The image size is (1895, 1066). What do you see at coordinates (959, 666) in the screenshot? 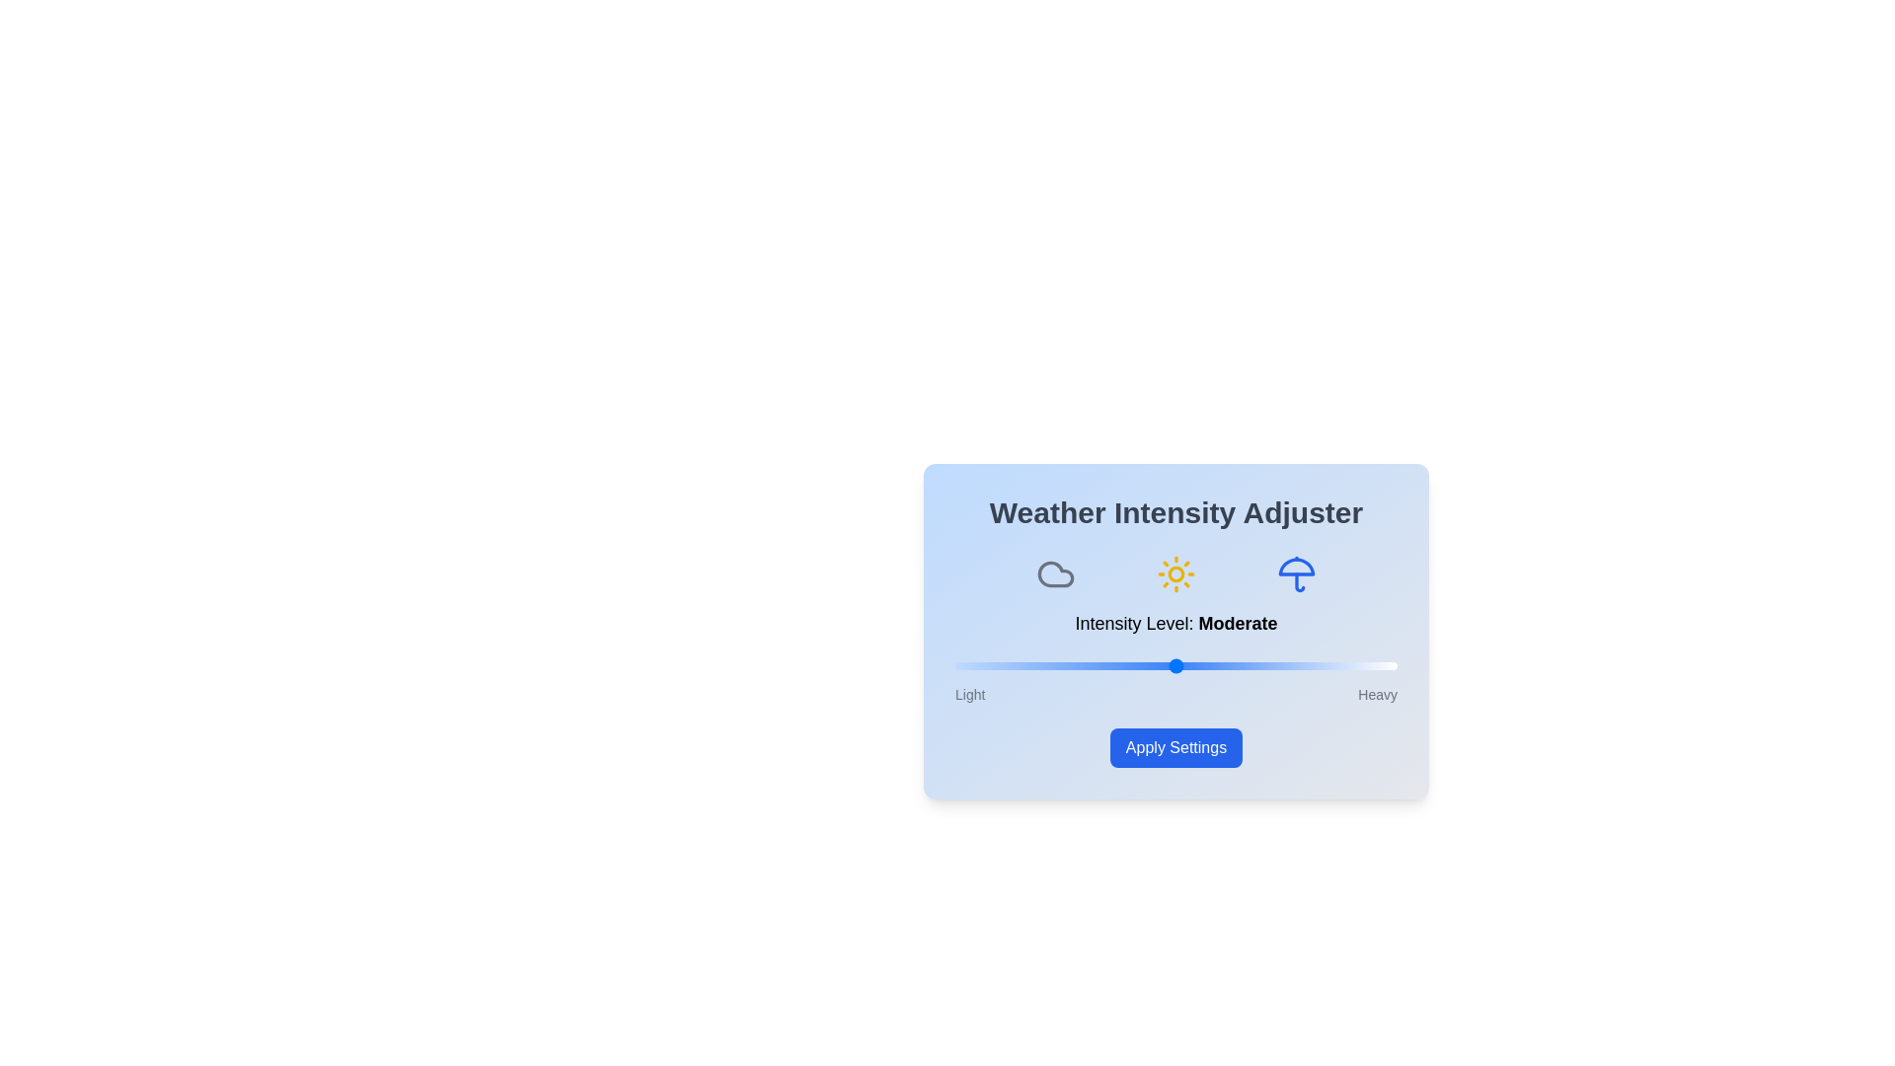
I see `the weather intensity slider to 1%` at bounding box center [959, 666].